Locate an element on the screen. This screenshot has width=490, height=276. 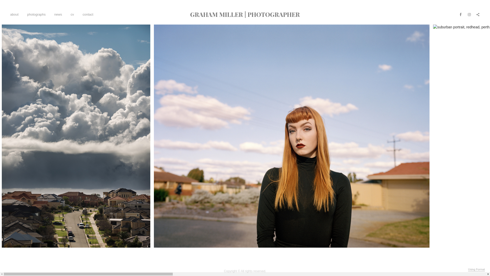
'Facebook' is located at coordinates (460, 14).